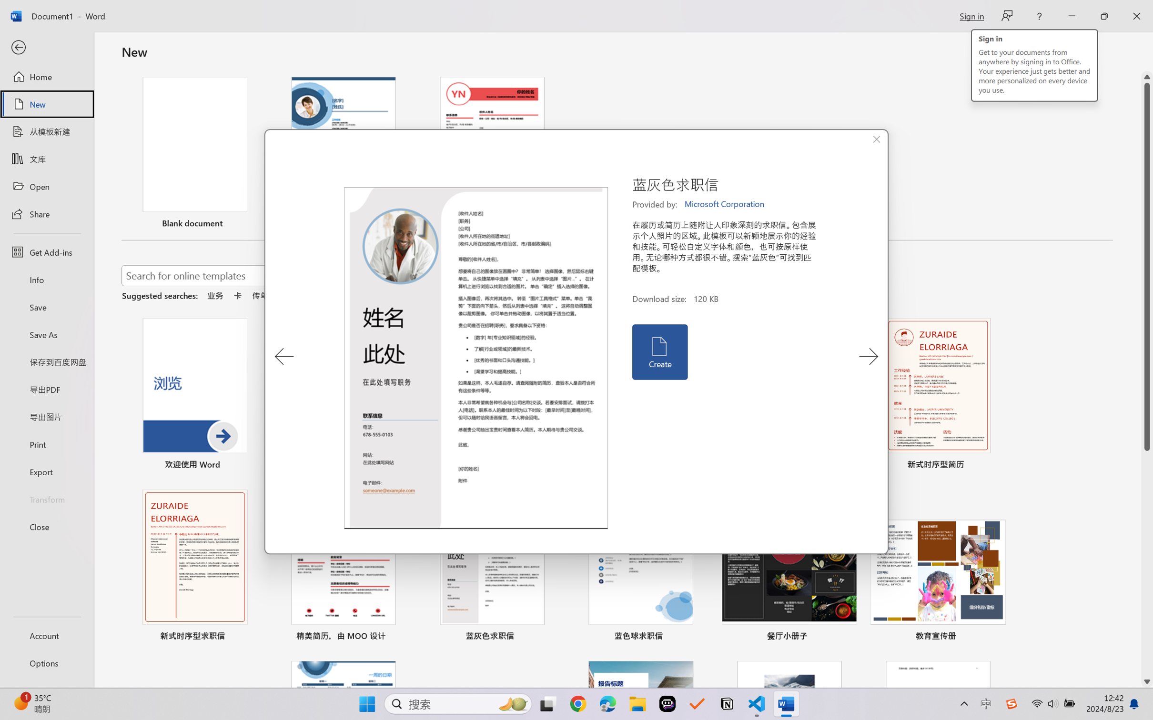  I want to click on 'Print', so click(46, 444).